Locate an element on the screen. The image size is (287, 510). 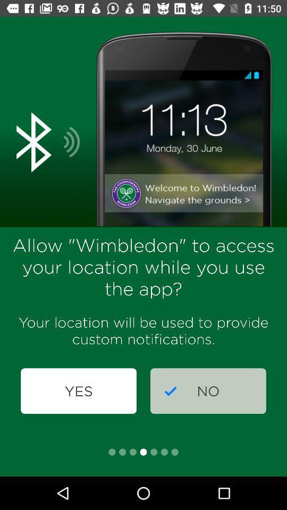
the item next to the no icon is located at coordinates (78, 390).